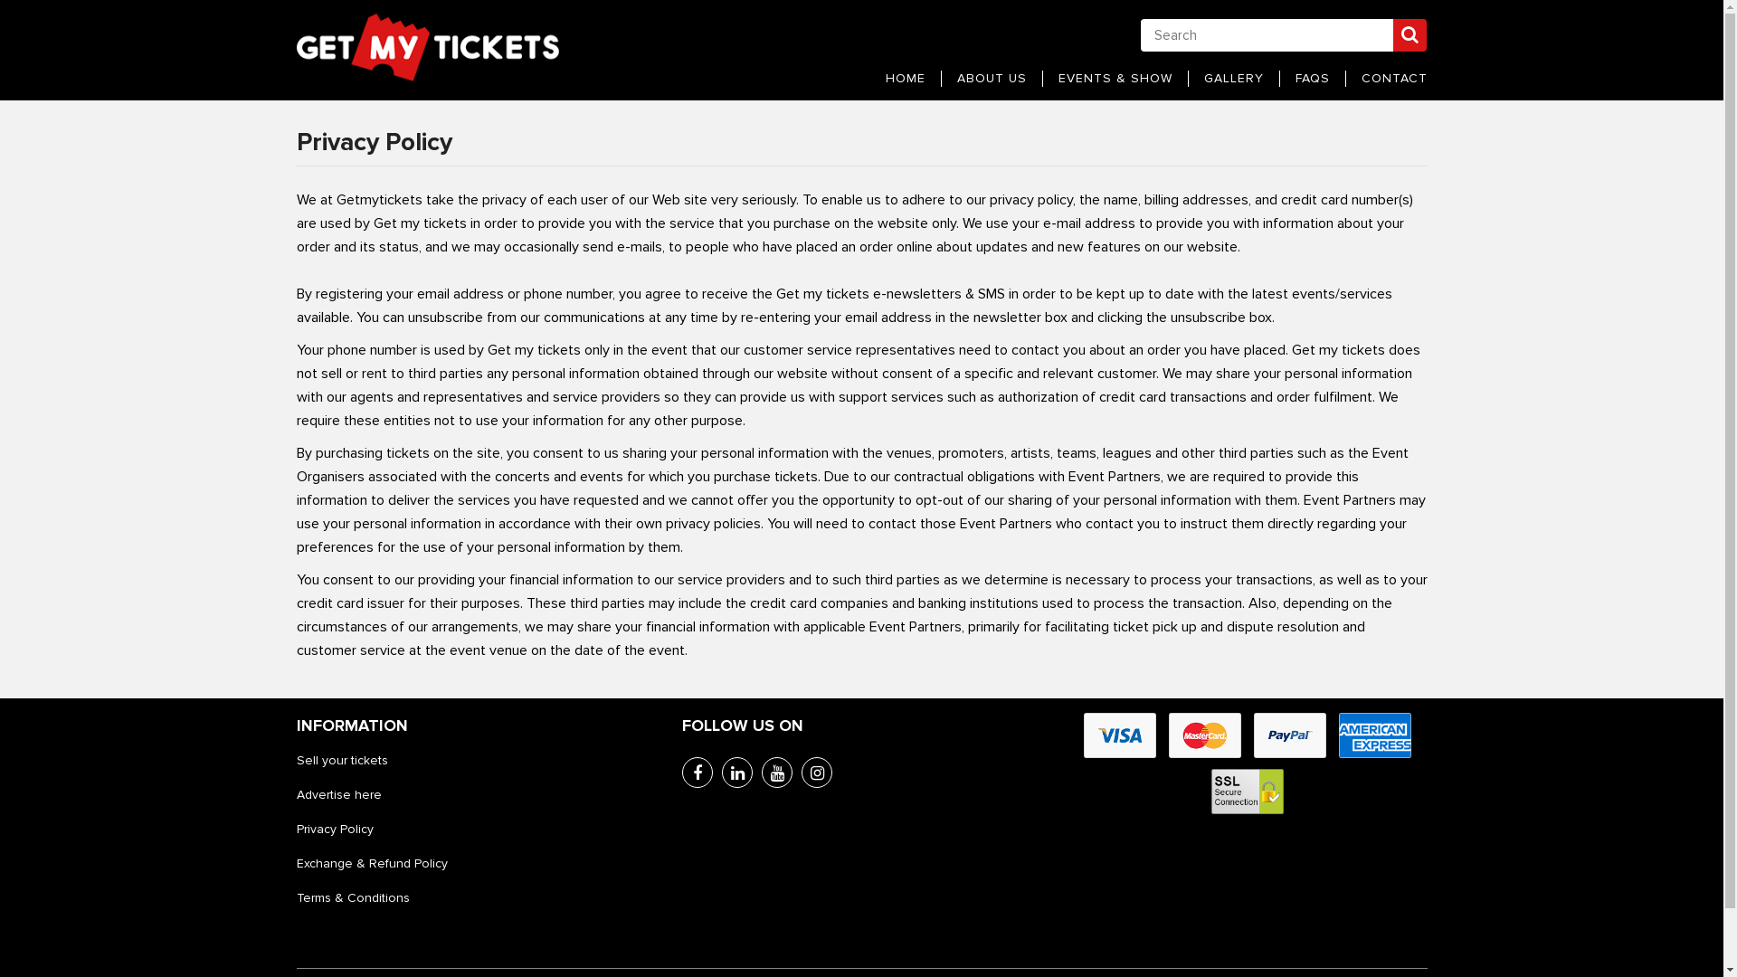 This screenshot has height=977, width=1737. Describe the element at coordinates (371, 863) in the screenshot. I see `'Exchange & Refund Policy'` at that location.